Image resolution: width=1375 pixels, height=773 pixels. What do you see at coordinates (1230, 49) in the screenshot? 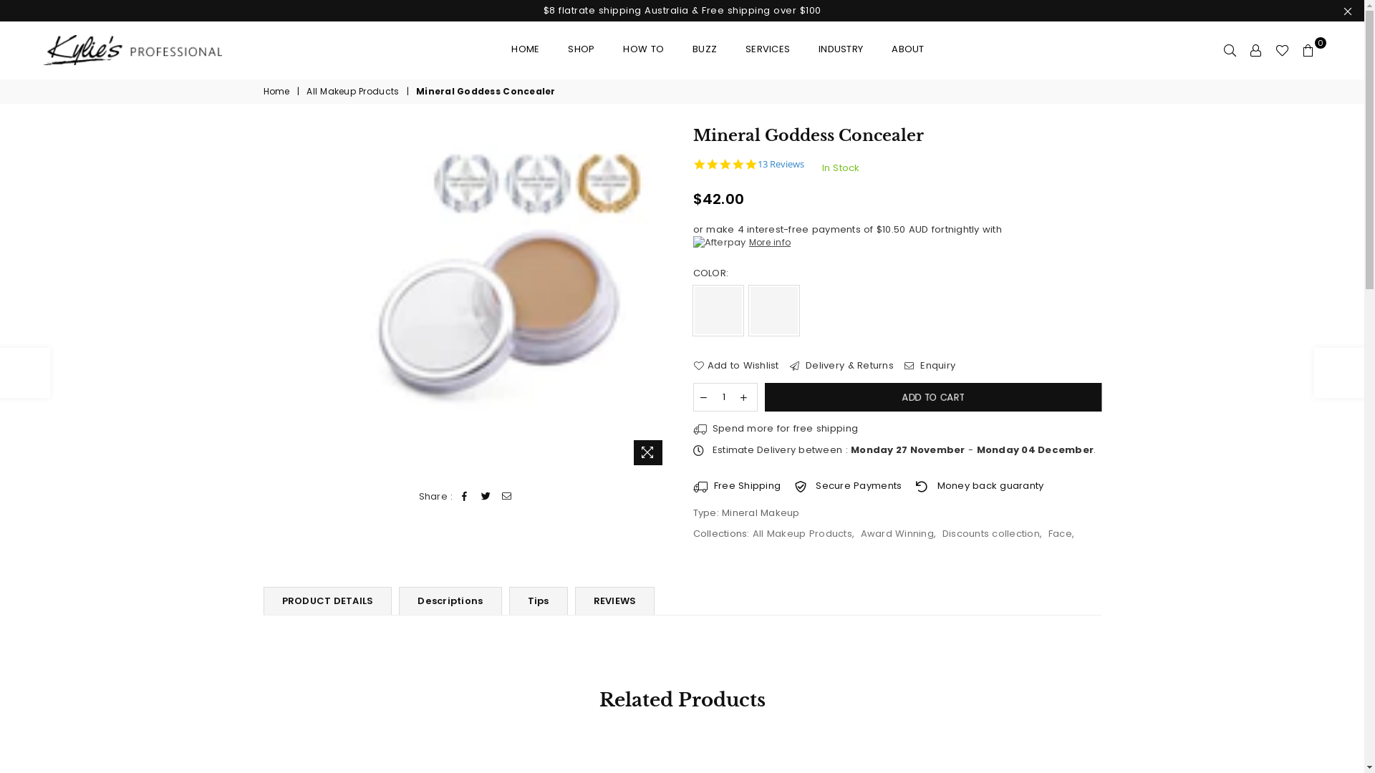
I see `'Search'` at bounding box center [1230, 49].